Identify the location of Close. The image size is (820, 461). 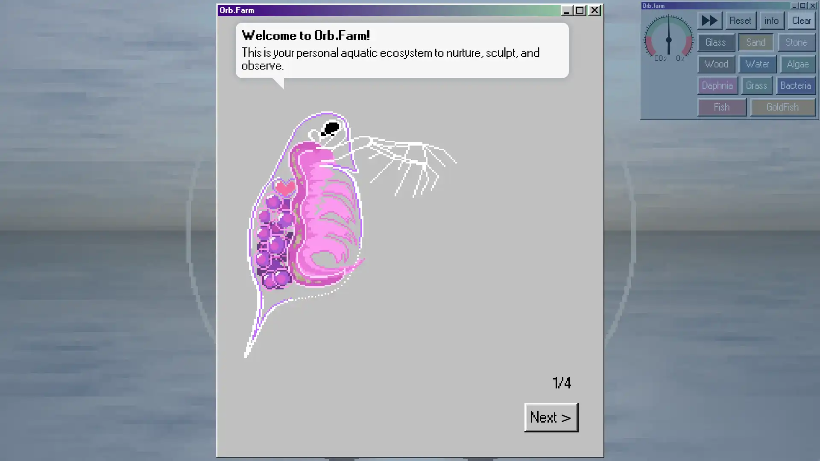
(316, 5).